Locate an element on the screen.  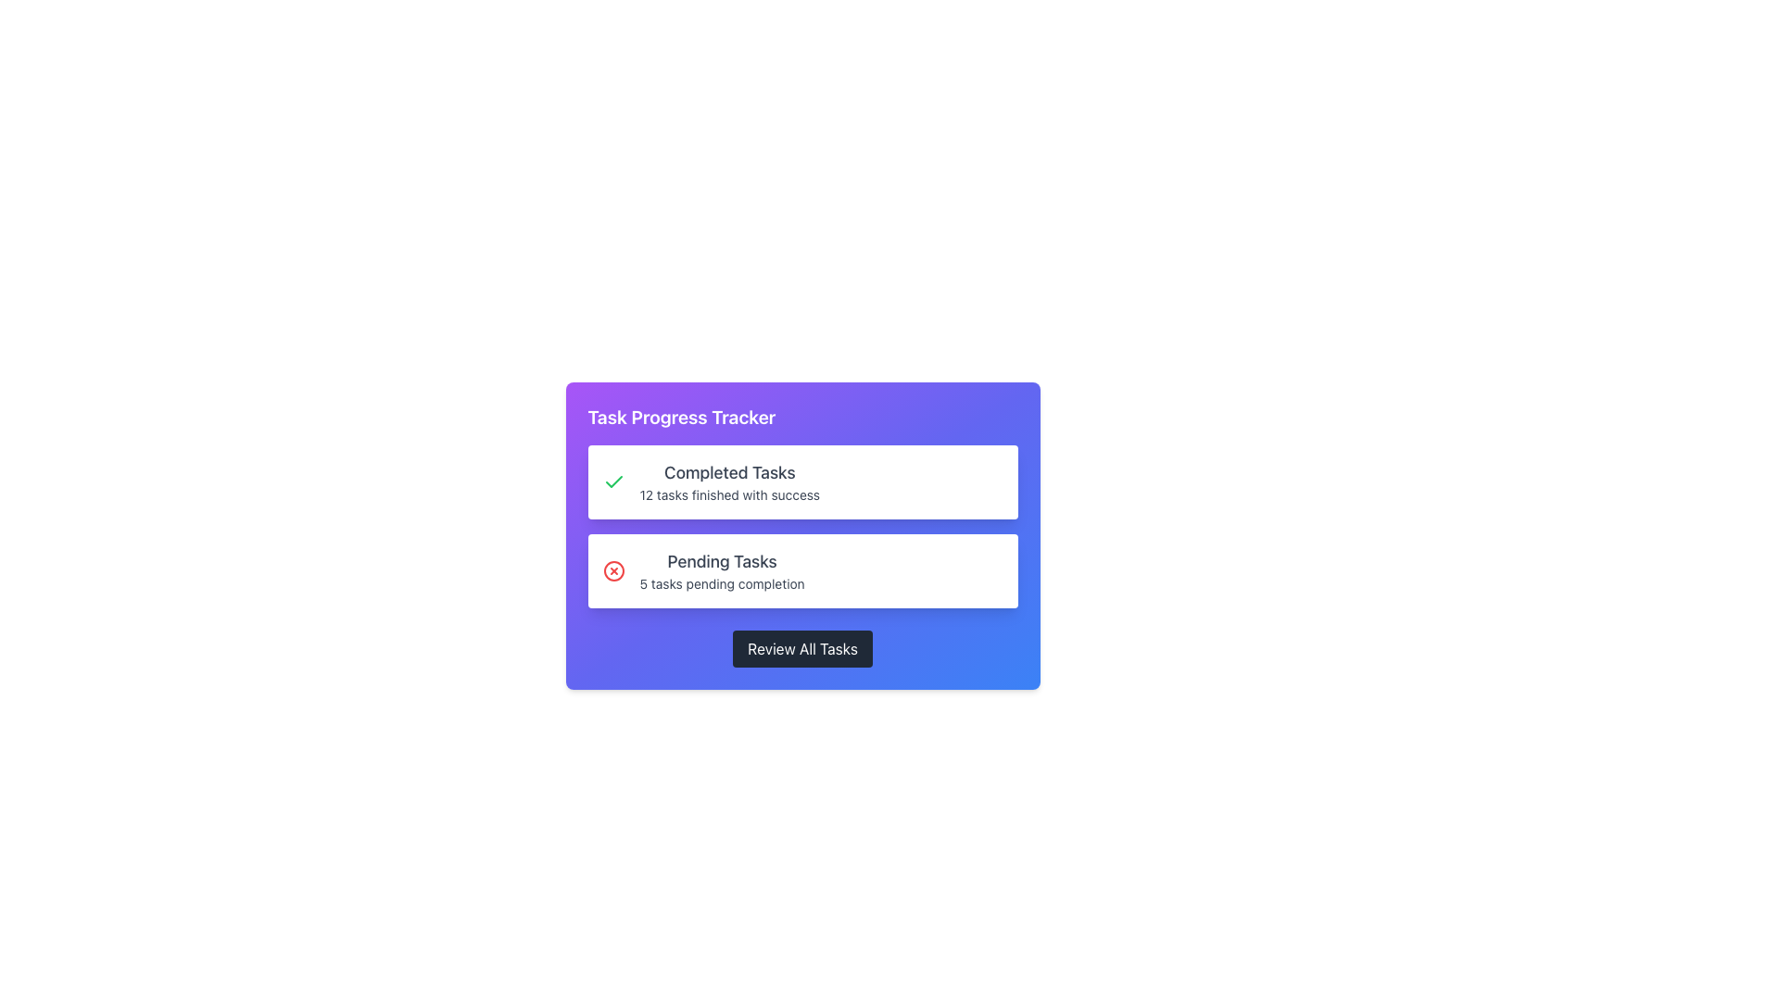
the checkmark icon in the 'Completed Tasks' section, which indicates successful tasks, located adjacent to the text 'Completed Tasks' and '12 tasks finished with success' is located at coordinates (613, 481).